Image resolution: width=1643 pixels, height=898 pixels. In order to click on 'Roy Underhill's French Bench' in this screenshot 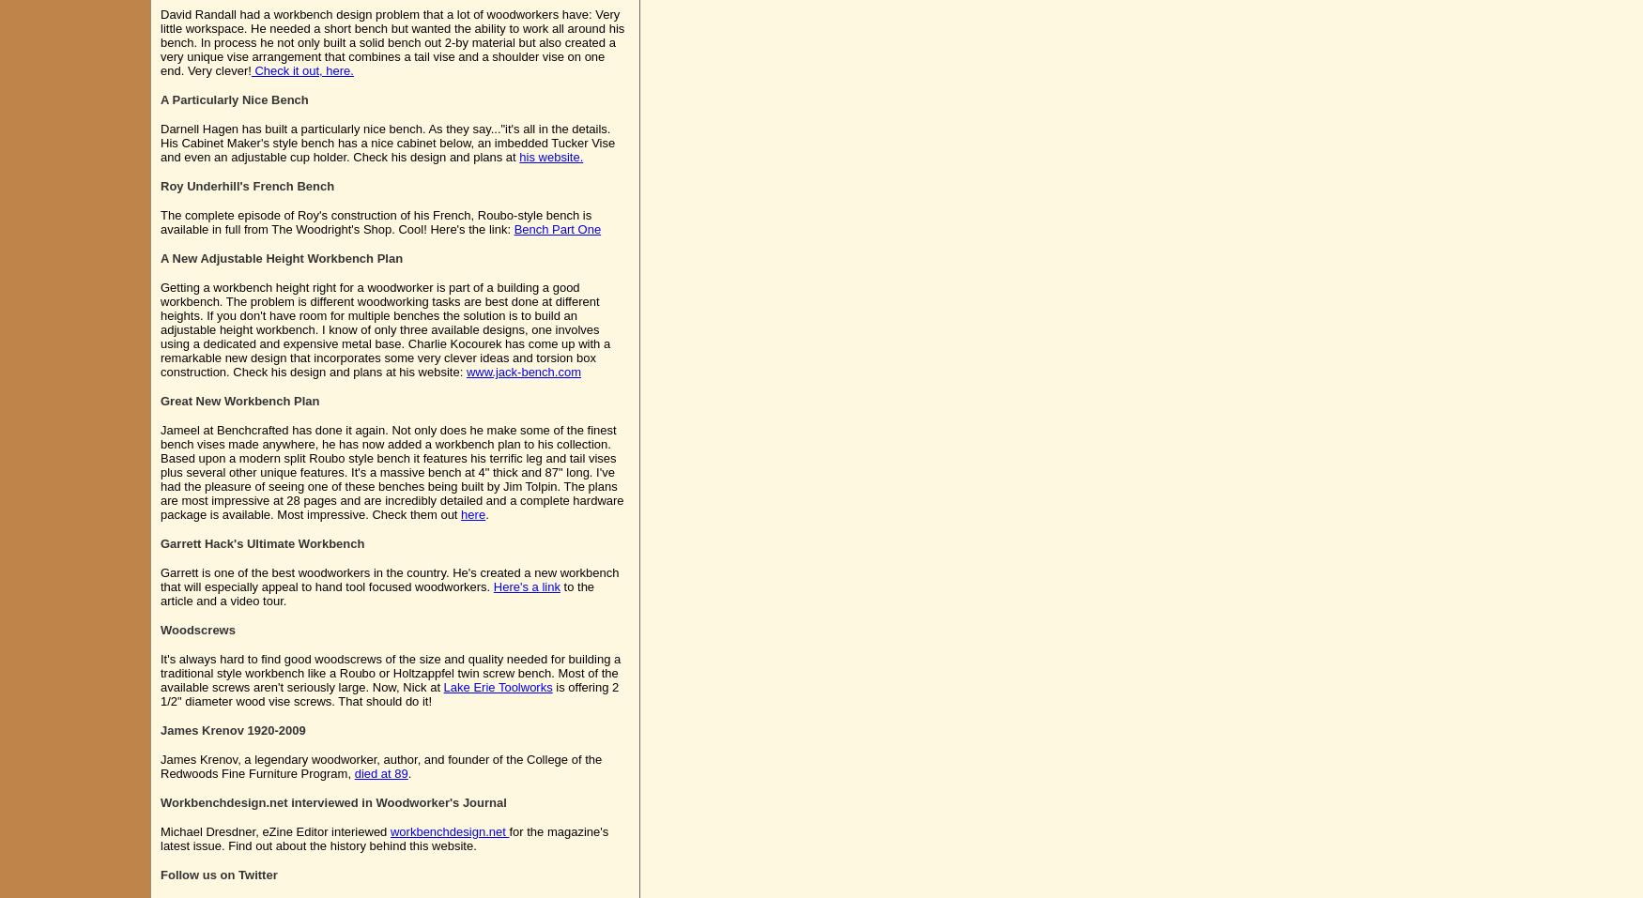, I will do `click(246, 185)`.